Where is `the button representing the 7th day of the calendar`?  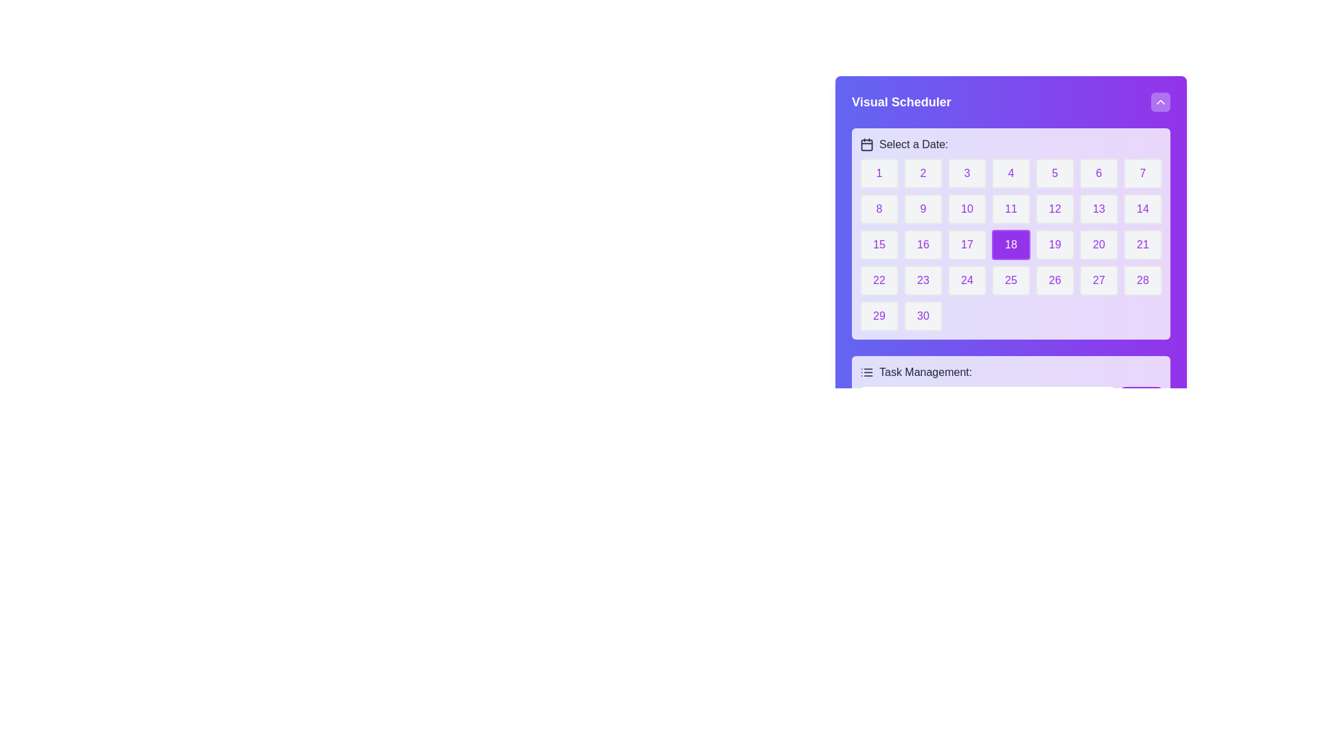 the button representing the 7th day of the calendar is located at coordinates (1143, 173).